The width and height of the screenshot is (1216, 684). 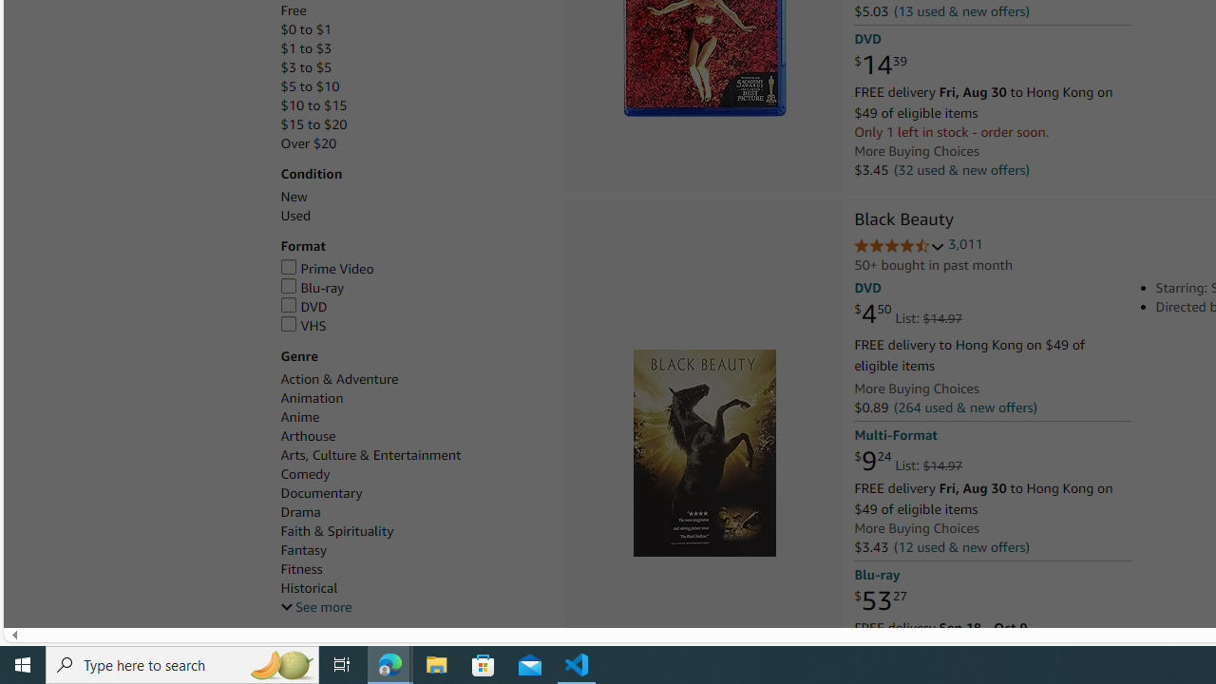 What do you see at coordinates (411, 66) in the screenshot?
I see `'$3 to $5'` at bounding box center [411, 66].